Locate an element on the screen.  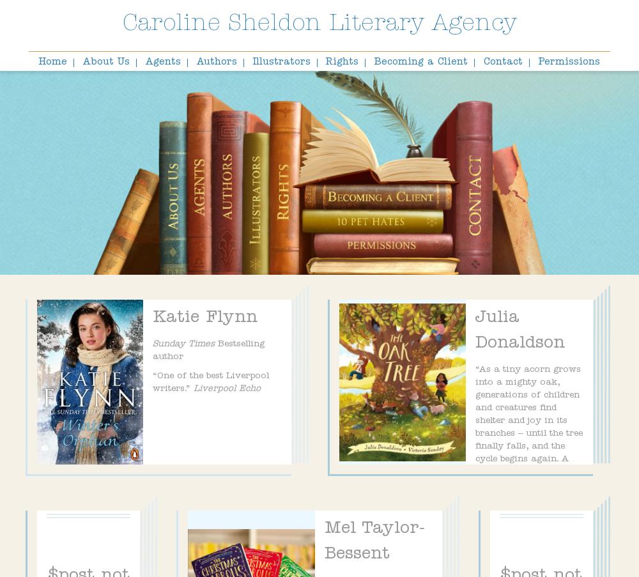
'Agents' is located at coordinates (144, 63).